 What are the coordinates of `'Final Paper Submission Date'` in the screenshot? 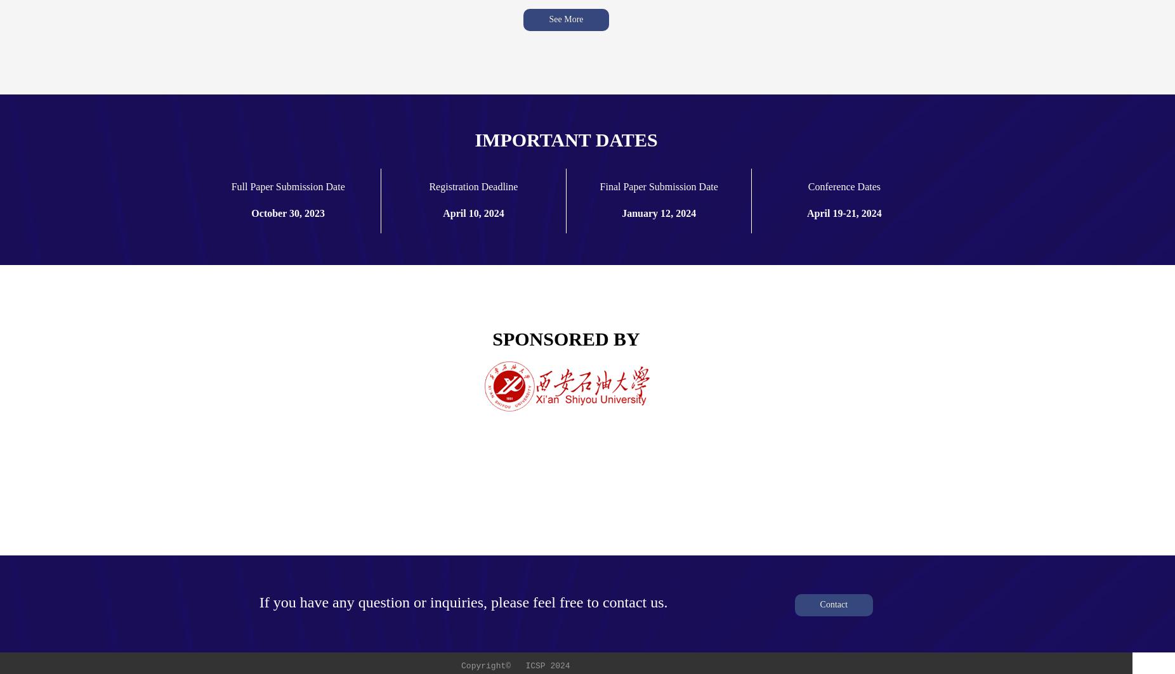 It's located at (658, 186).